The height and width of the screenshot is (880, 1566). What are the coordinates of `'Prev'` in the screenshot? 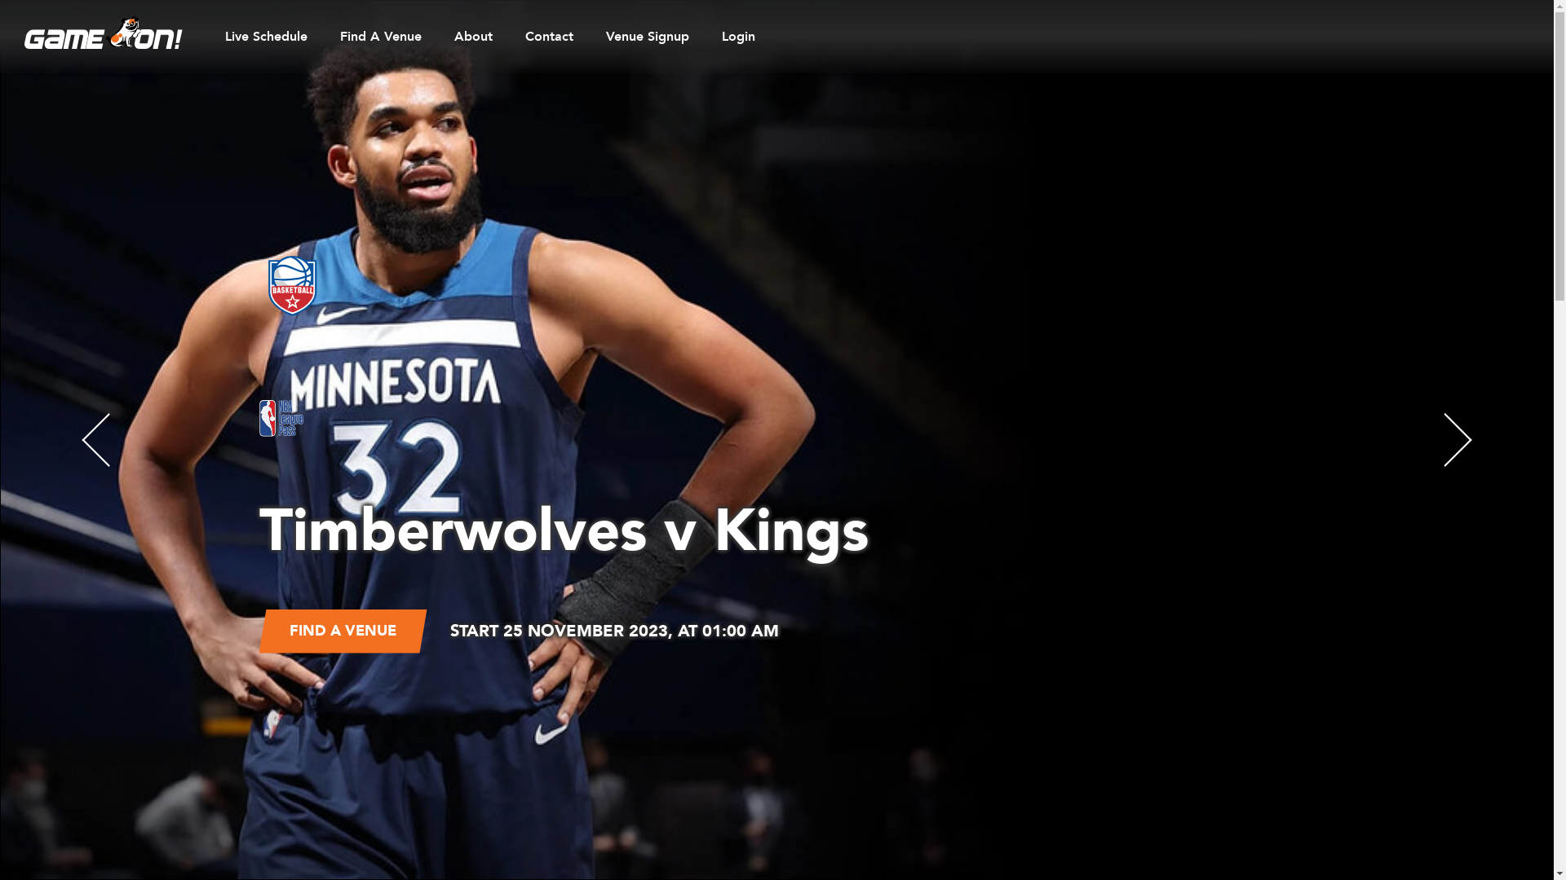 It's located at (95, 440).